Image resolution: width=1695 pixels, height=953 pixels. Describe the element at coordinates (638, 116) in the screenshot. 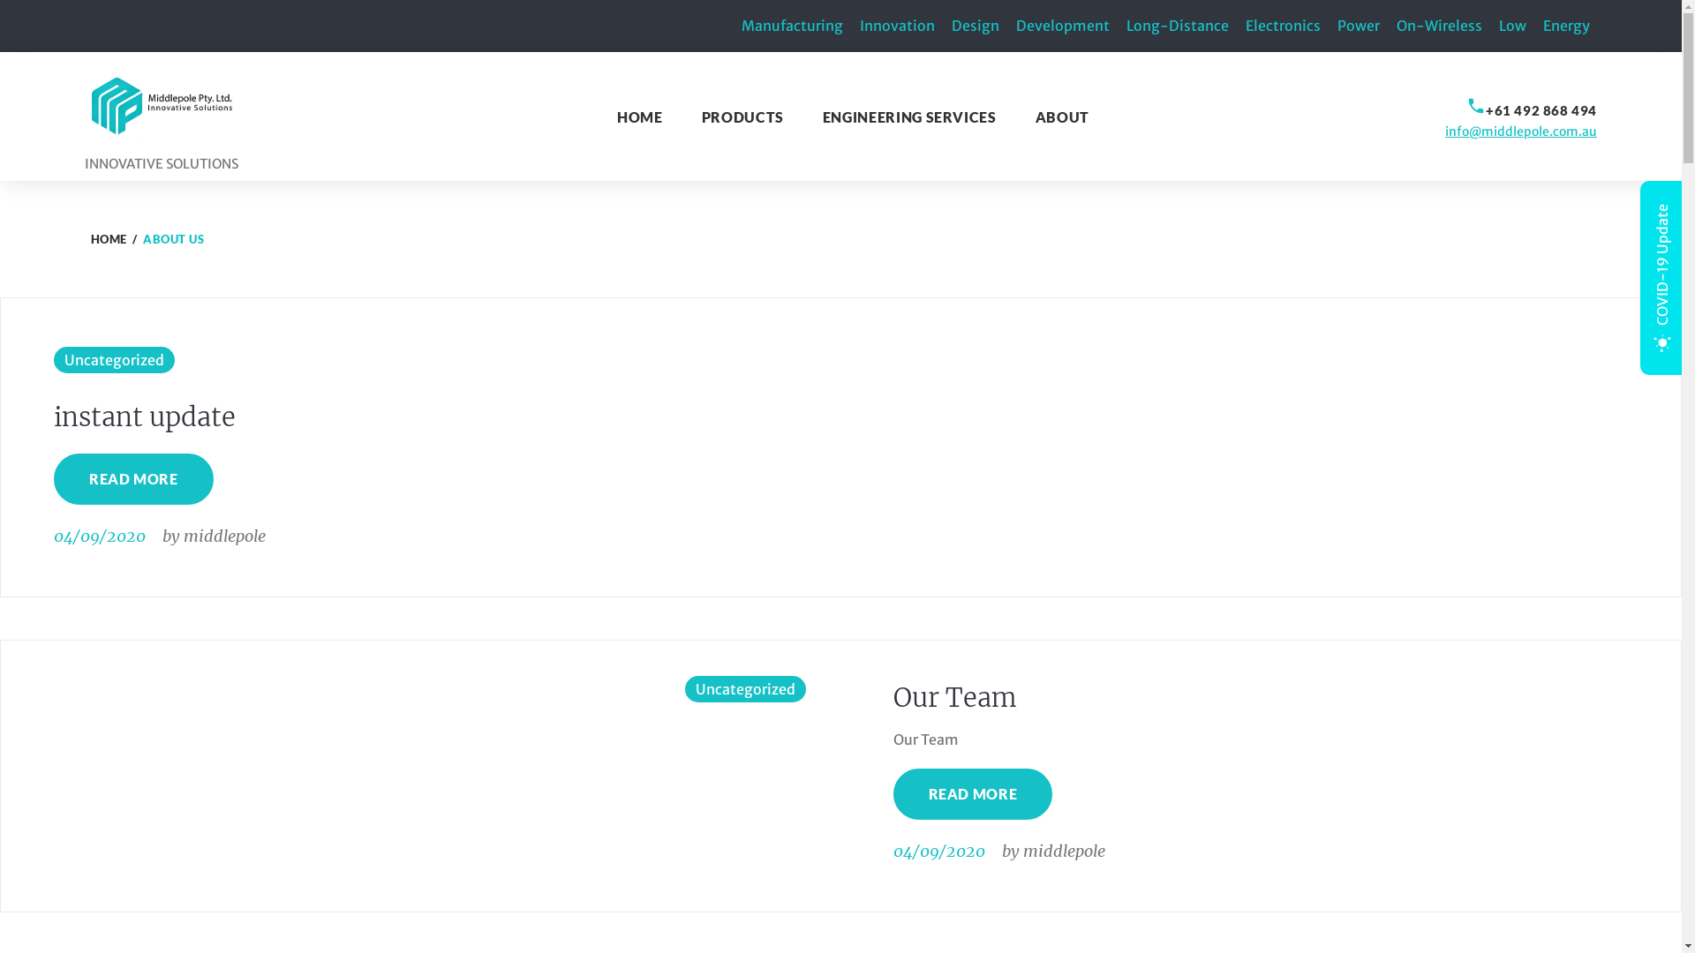

I see `'HOME'` at that location.